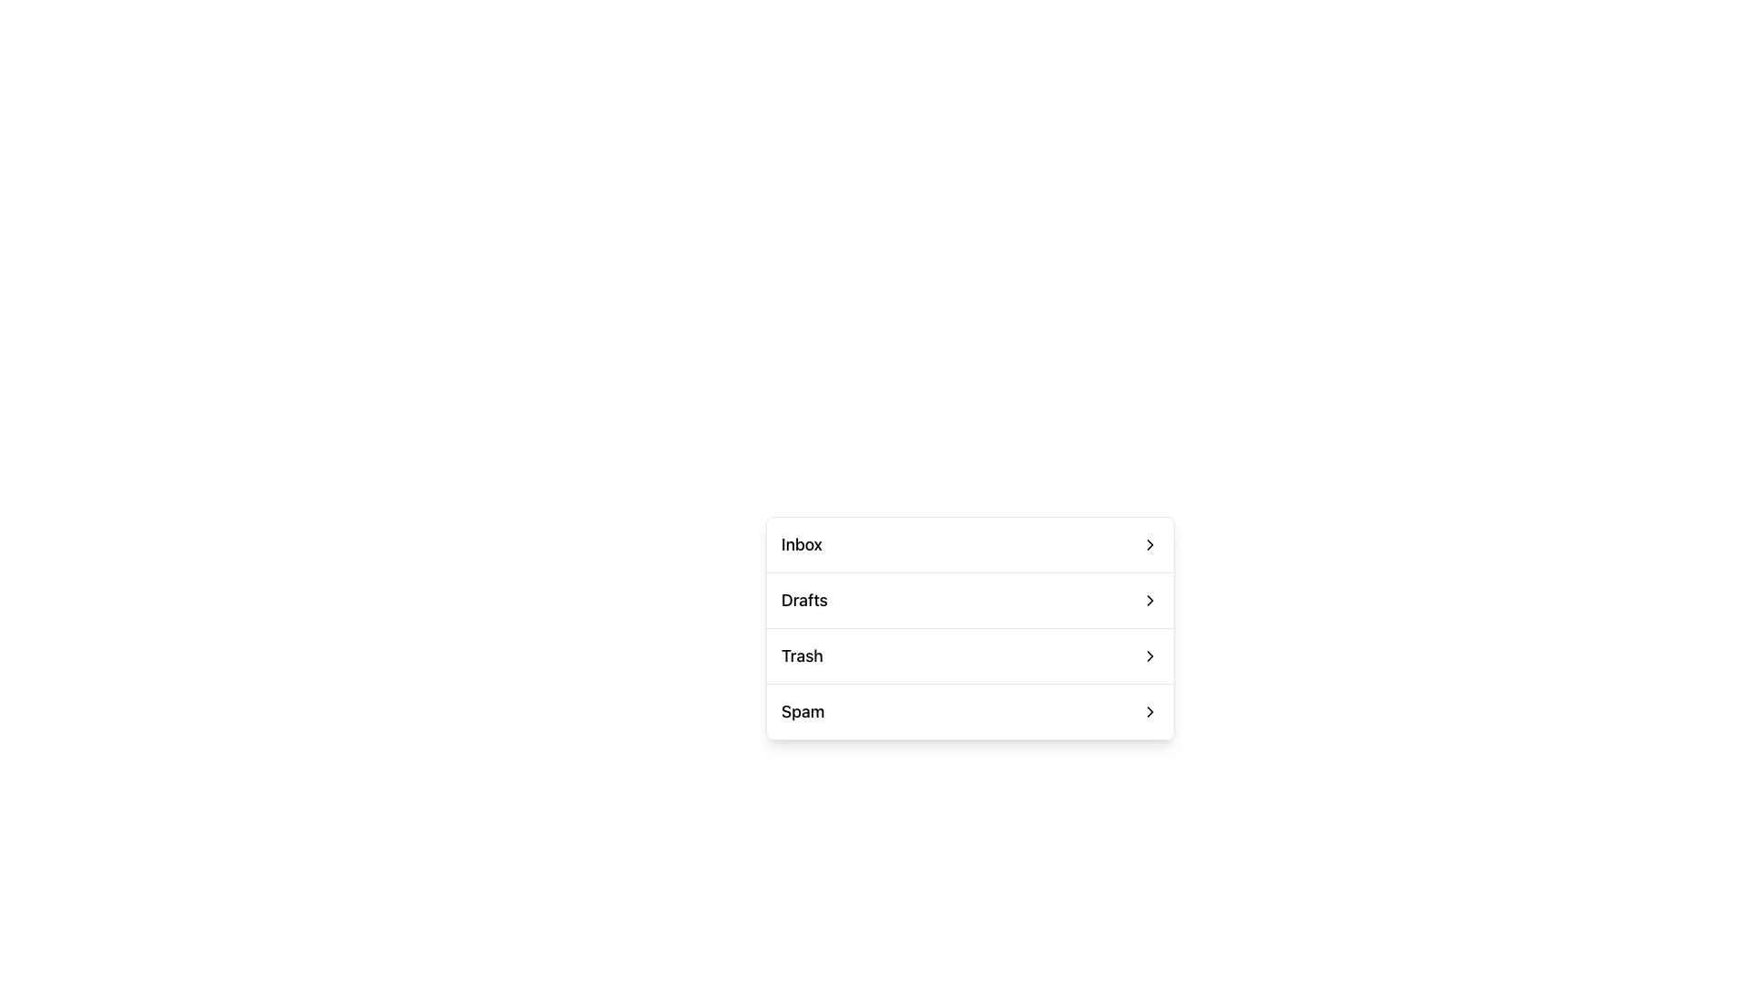  I want to click on the right-pointing chevron styled as an SVG graphic, which serves as an indicator icon within the 'Spam' list item at the bottom of the displayed menu, so click(1149, 710).